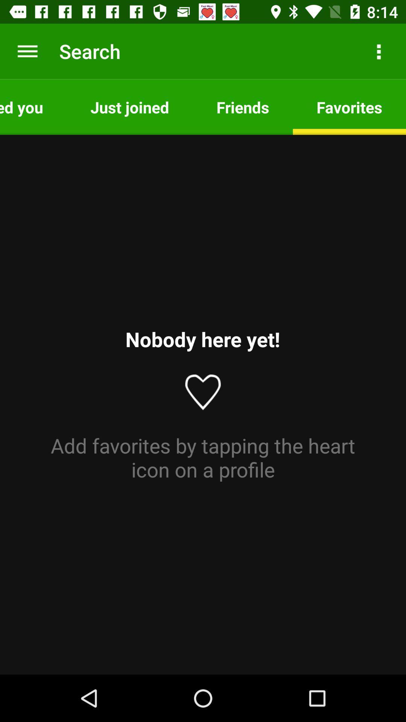  Describe the element at coordinates (27, 51) in the screenshot. I see `the icon next to the search` at that location.